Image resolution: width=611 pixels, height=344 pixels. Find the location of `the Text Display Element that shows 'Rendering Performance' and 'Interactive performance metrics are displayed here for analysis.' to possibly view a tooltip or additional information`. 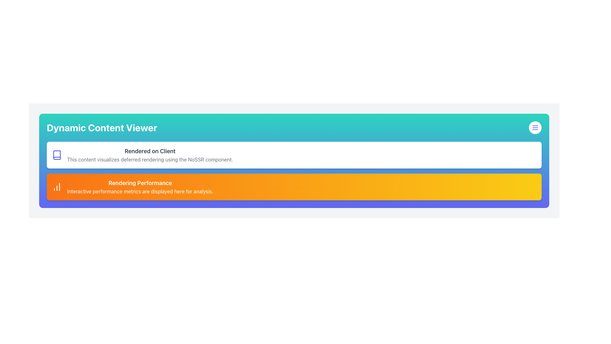

the Text Display Element that shows 'Rendering Performance' and 'Interactive performance metrics are displayed here for analysis.' to possibly view a tooltip or additional information is located at coordinates (140, 186).